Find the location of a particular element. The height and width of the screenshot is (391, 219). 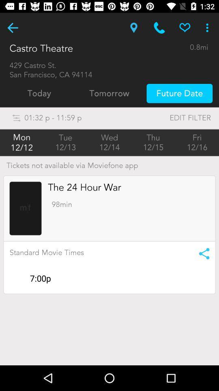

the 24 hour item is located at coordinates (84, 187).